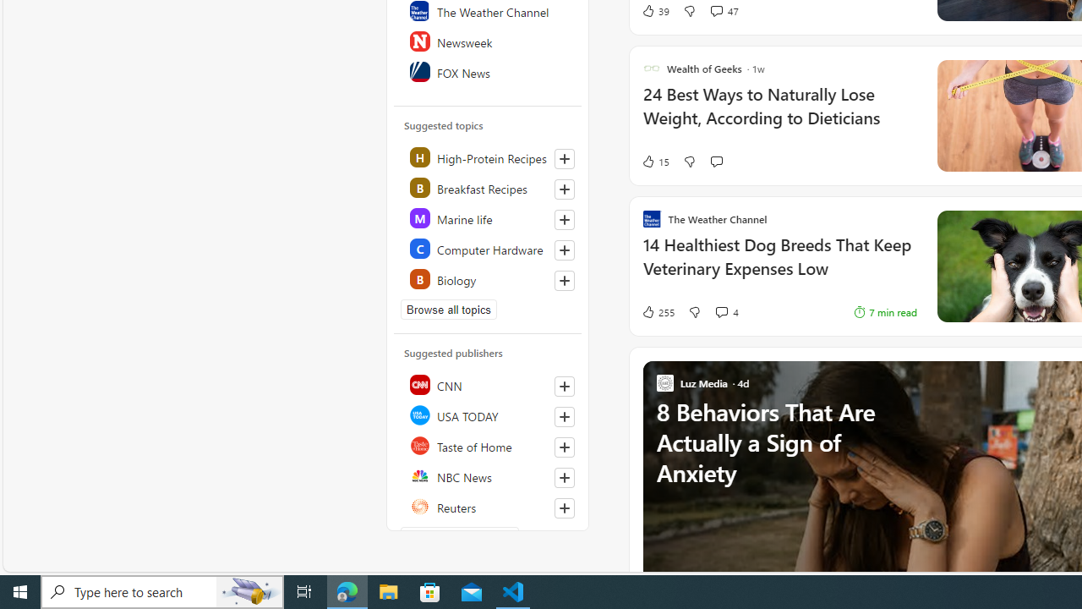 This screenshot has height=609, width=1082. Describe the element at coordinates (488, 506) in the screenshot. I see `'Reuters'` at that location.